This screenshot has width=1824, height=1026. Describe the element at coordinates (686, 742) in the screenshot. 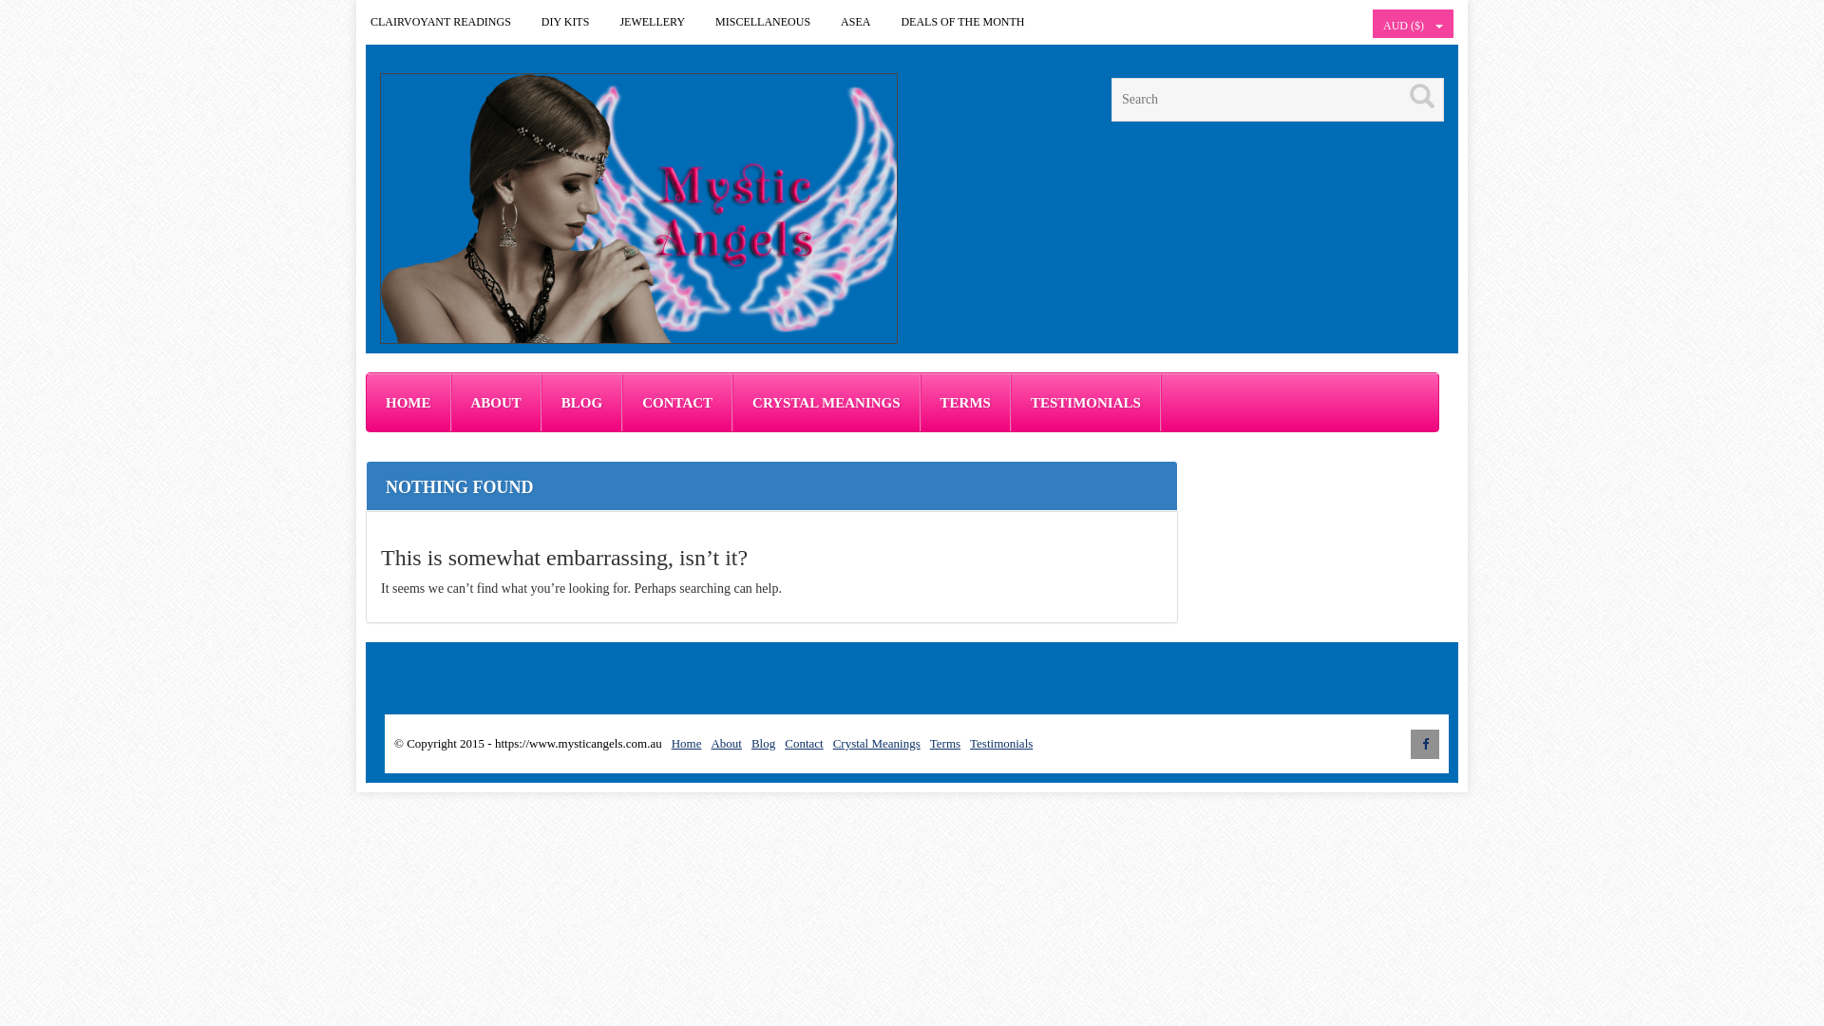

I see `'Home'` at that location.